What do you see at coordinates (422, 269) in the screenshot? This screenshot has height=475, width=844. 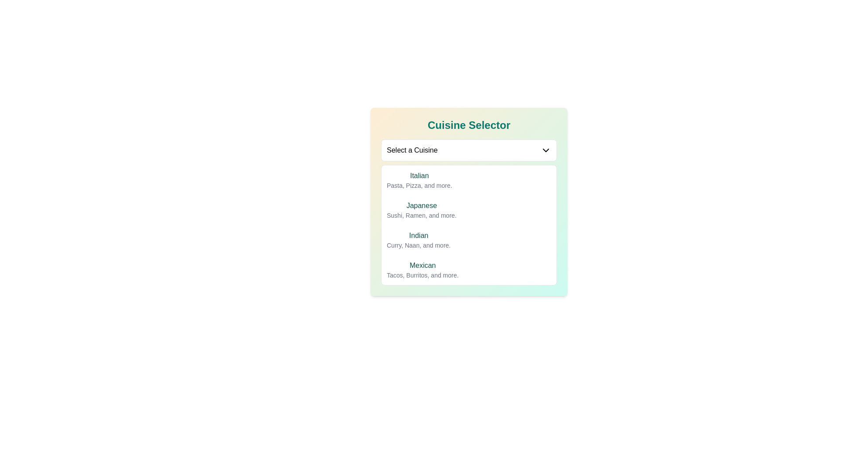 I see `to select the 'Mexican' cuisine option in the vertical menu of cuisine selections, which is the fourth item listed below 'Italian', 'Japanese', and 'Indian'` at bounding box center [422, 269].